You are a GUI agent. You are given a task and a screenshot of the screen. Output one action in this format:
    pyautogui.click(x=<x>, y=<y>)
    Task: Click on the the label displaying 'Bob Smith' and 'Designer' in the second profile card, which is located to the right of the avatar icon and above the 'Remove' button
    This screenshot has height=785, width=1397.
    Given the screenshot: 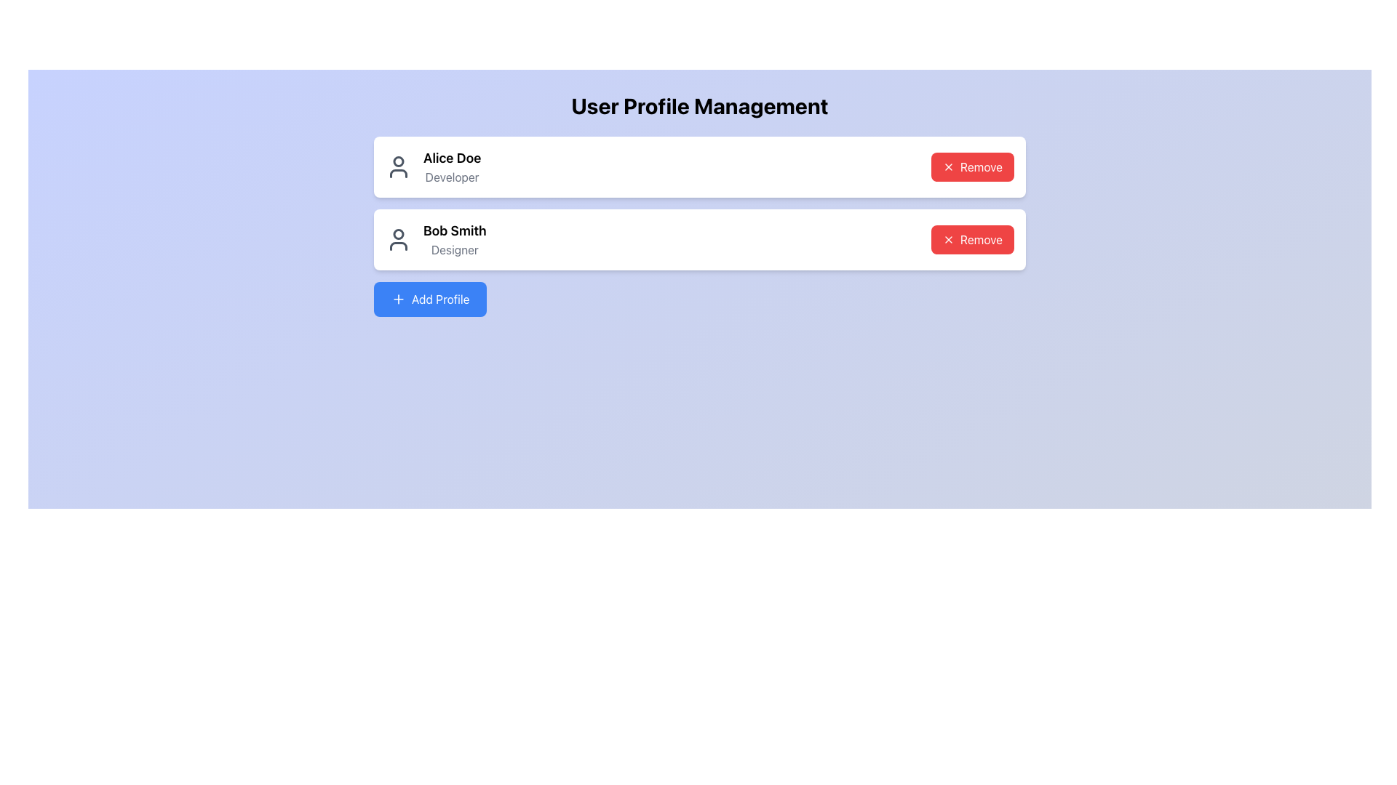 What is the action you would take?
    pyautogui.click(x=435, y=239)
    